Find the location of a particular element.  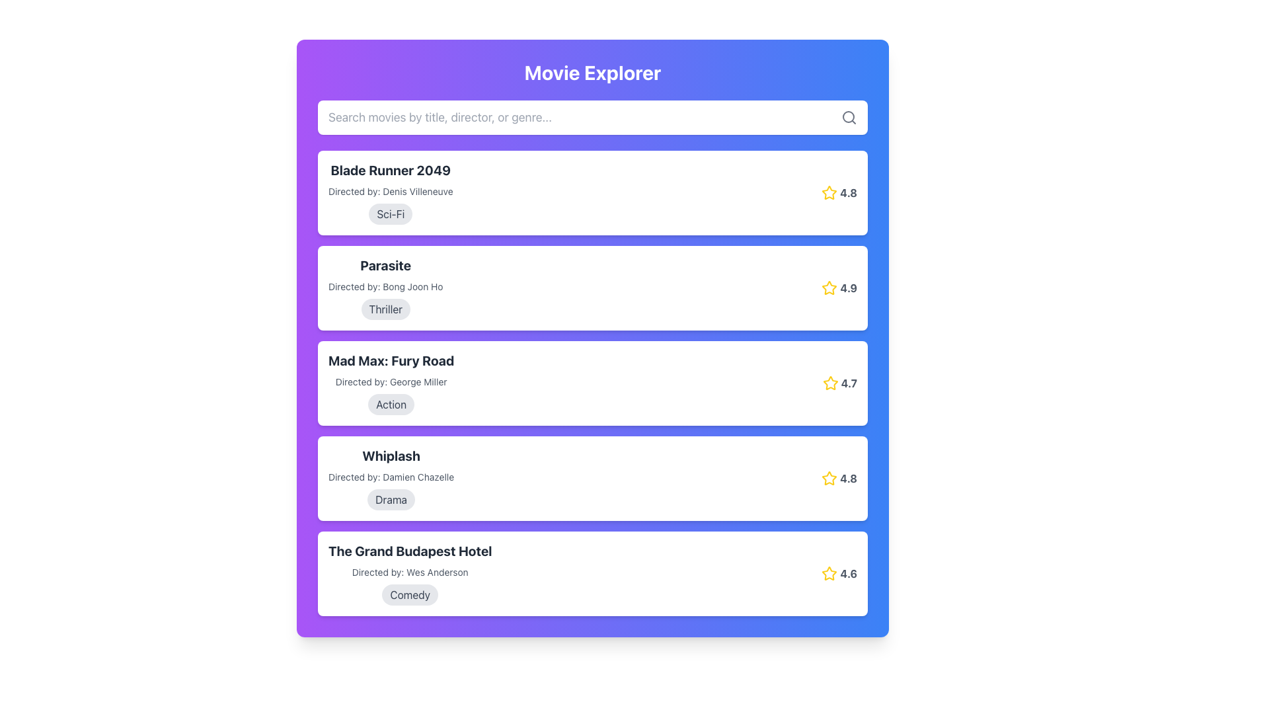

rating value displayed as bold gray text '4.6' next to the yellow star icon in the last movie entry of 'The Grand Budapest Hotel' is located at coordinates (848, 573).